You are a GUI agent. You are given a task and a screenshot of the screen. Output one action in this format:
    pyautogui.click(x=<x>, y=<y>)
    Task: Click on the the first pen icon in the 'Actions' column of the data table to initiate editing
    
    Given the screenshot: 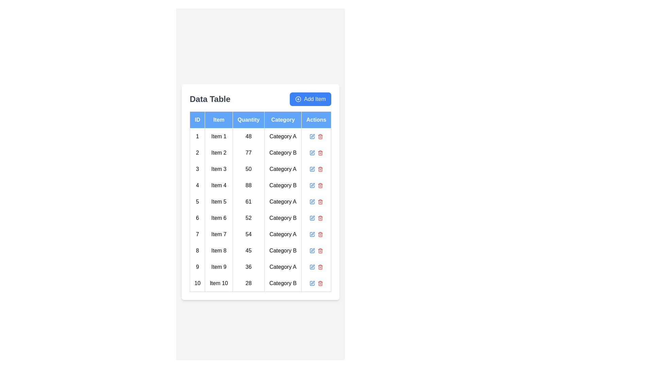 What is the action you would take?
    pyautogui.click(x=313, y=136)
    